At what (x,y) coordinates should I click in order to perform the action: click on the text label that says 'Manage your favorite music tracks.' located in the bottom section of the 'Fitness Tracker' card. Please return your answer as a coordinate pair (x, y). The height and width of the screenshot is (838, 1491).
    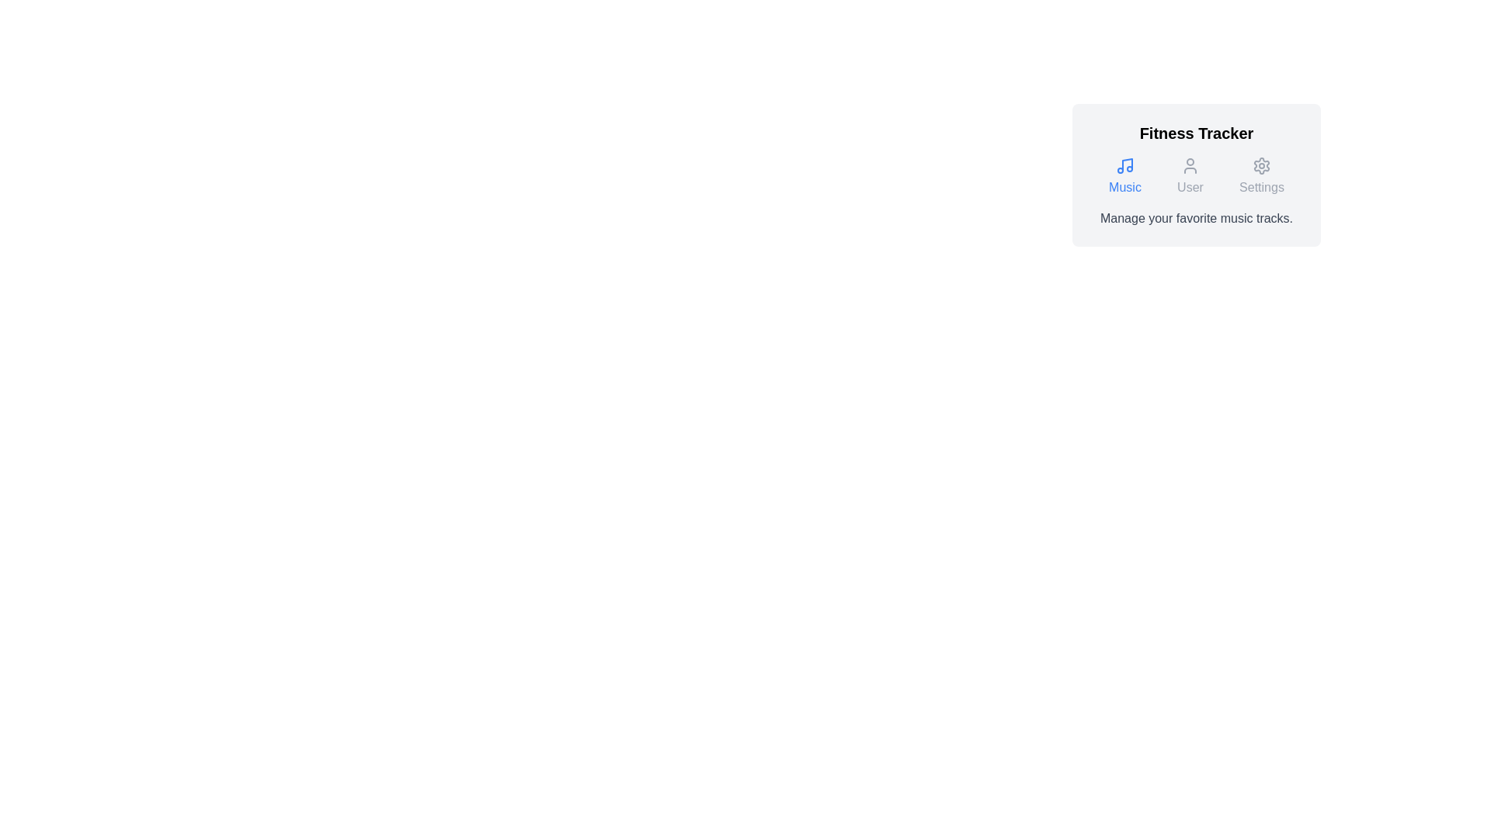
    Looking at the image, I should click on (1195, 218).